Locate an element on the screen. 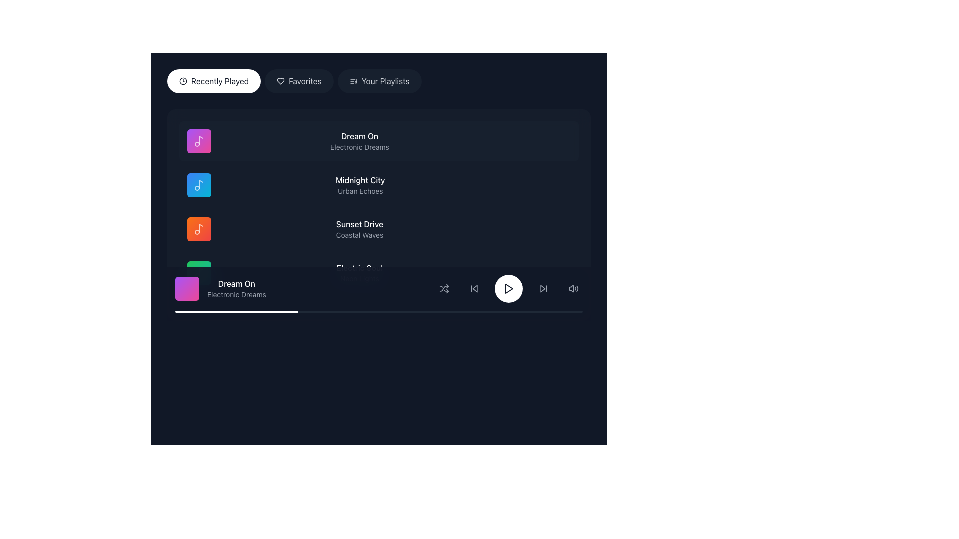 The image size is (959, 539). the text block displaying 'Sunset Drive' and 'Coastal Waves' is located at coordinates (360, 229).